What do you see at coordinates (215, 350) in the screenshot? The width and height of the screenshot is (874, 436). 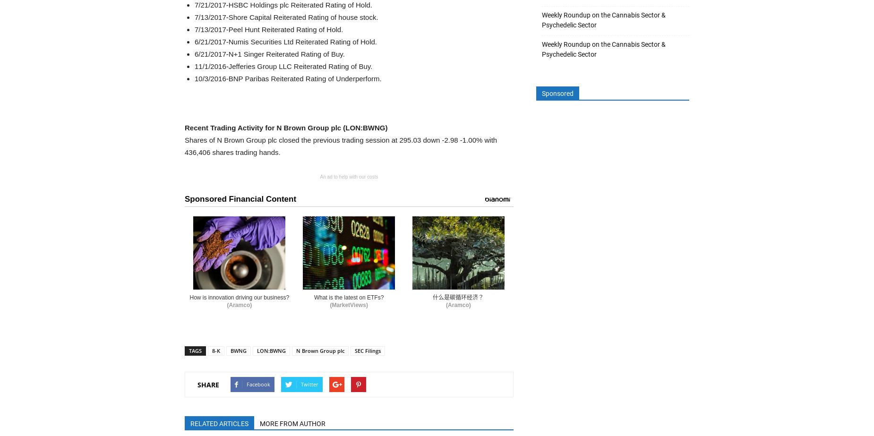 I see `'8-K'` at bounding box center [215, 350].